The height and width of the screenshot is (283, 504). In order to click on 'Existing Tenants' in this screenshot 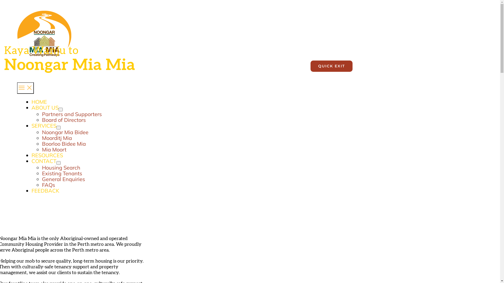, I will do `click(41, 173)`.